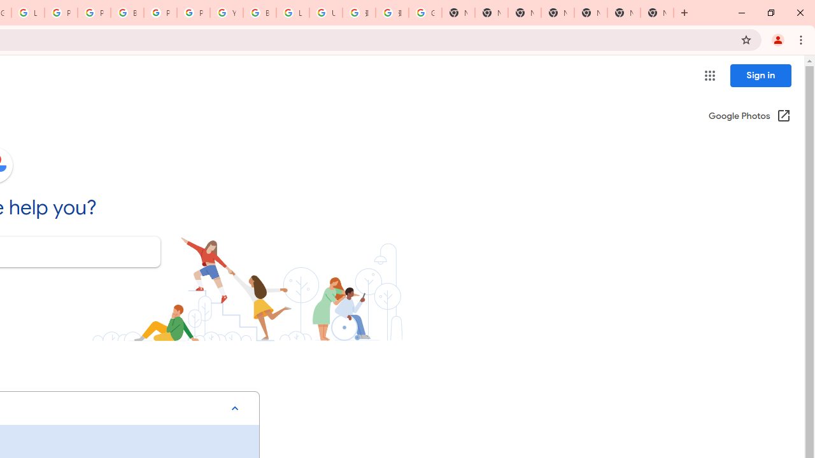 This screenshot has height=458, width=815. Describe the element at coordinates (60, 13) in the screenshot. I see `'Privacy Help Center - Policies Help'` at that location.